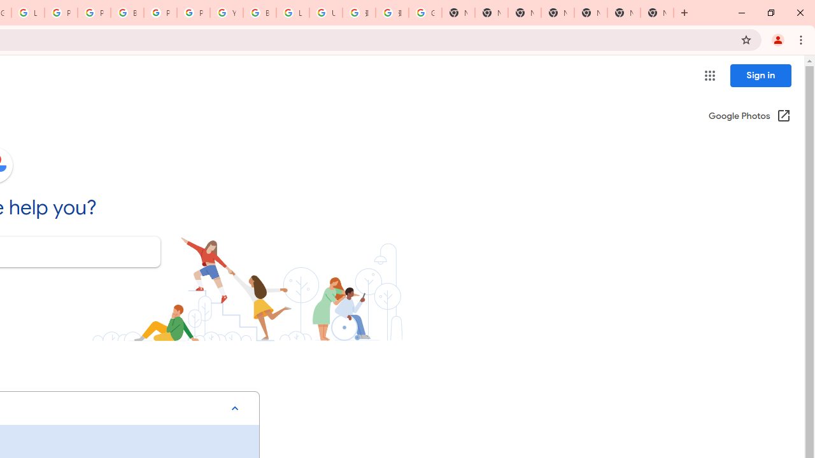 This screenshot has height=458, width=815. Describe the element at coordinates (60, 13) in the screenshot. I see `'Privacy Help Center - Policies Help'` at that location.